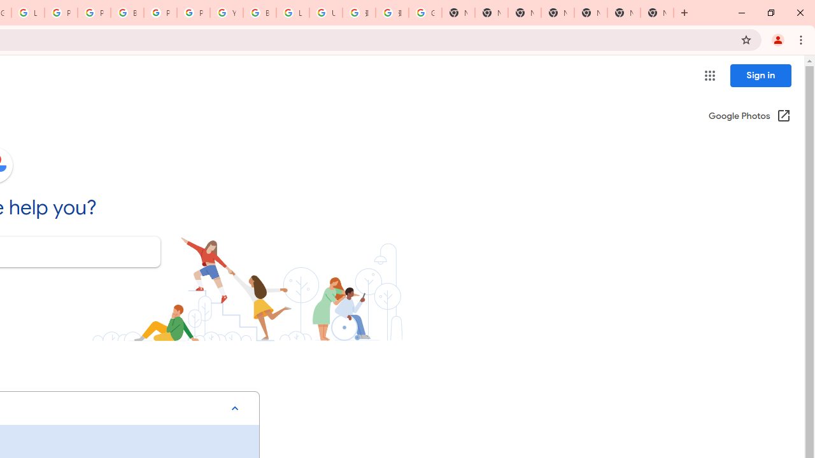 This screenshot has height=458, width=815. Describe the element at coordinates (60, 13) in the screenshot. I see `'Privacy Help Center - Policies Help'` at that location.